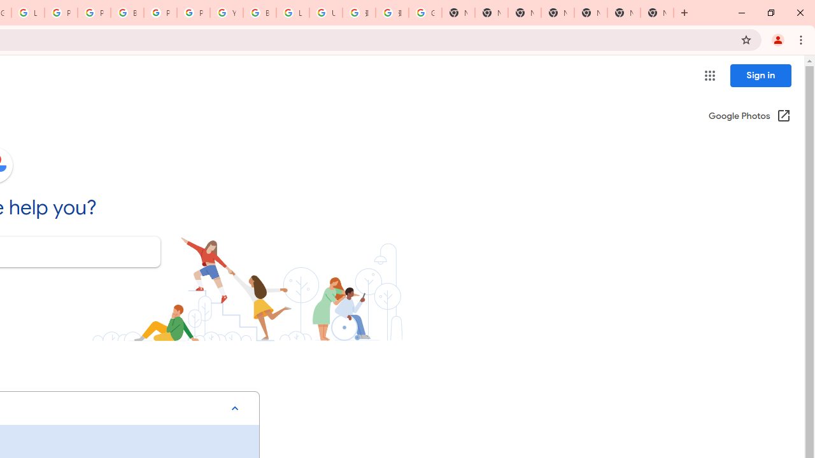 This screenshot has height=458, width=815. Describe the element at coordinates (60, 13) in the screenshot. I see `'Privacy Help Center - Policies Help'` at that location.